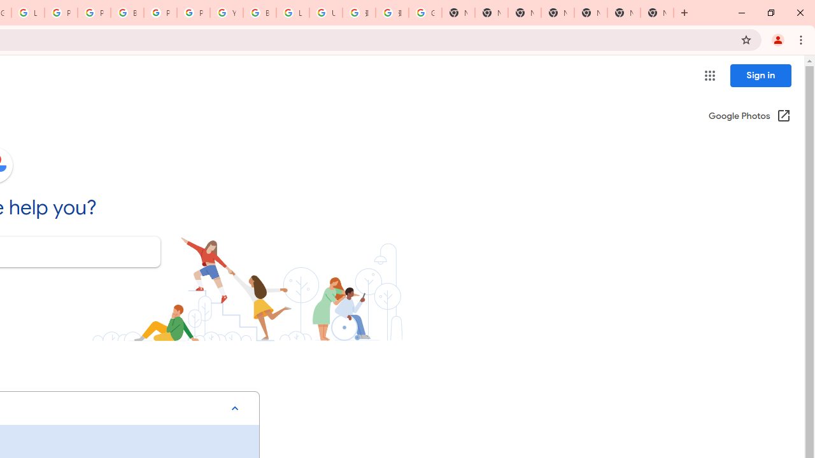 This screenshot has height=458, width=815. Describe the element at coordinates (60, 13) in the screenshot. I see `'Privacy Help Center - Policies Help'` at that location.